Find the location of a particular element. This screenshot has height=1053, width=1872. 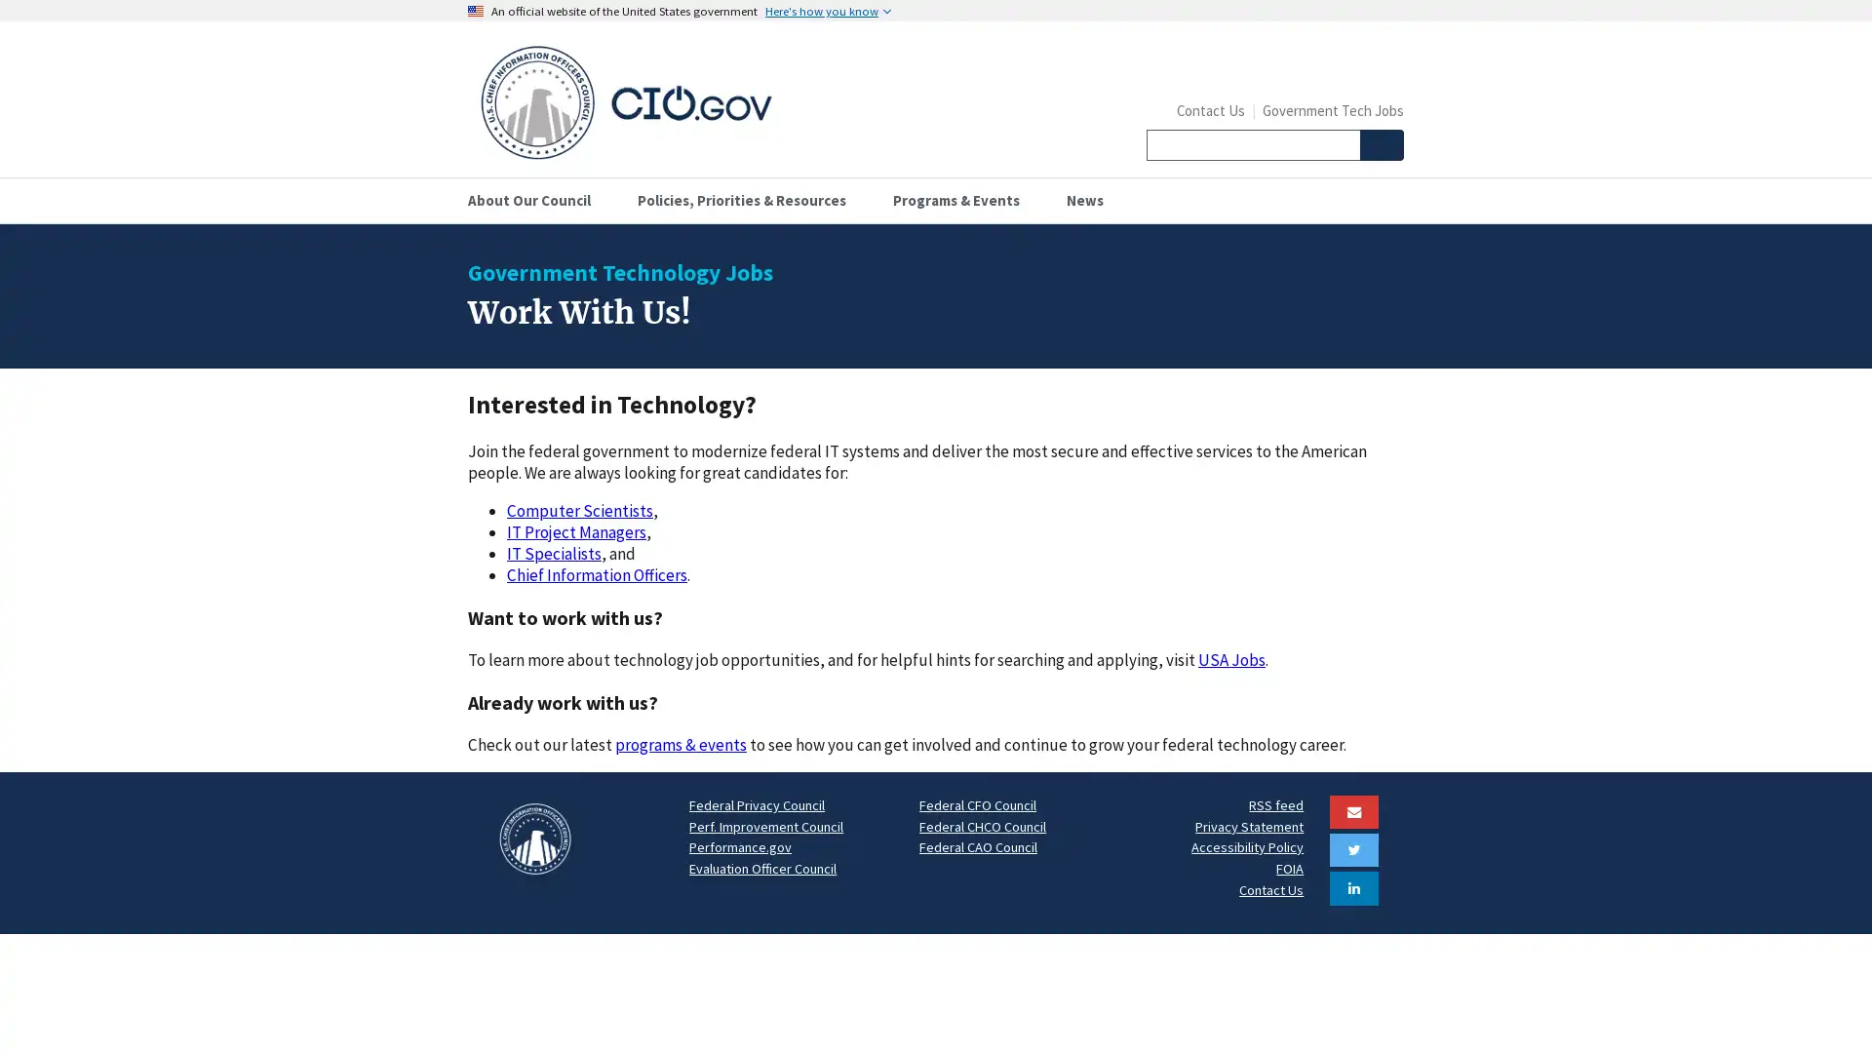

Programs & Events is located at coordinates (963, 200).